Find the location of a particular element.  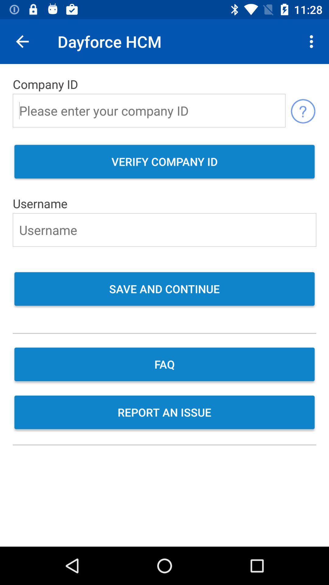

item next to the dayforce hcm icon is located at coordinates (313, 41).